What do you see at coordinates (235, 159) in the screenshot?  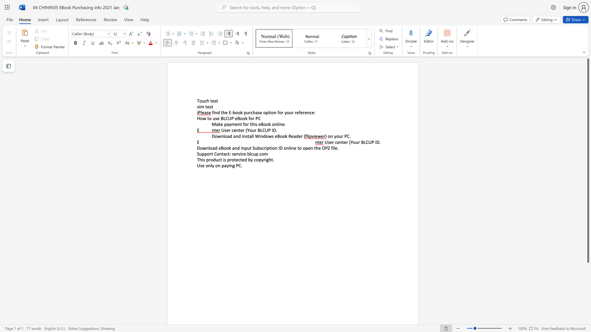 I see `the 2th character "t" in the text` at bounding box center [235, 159].